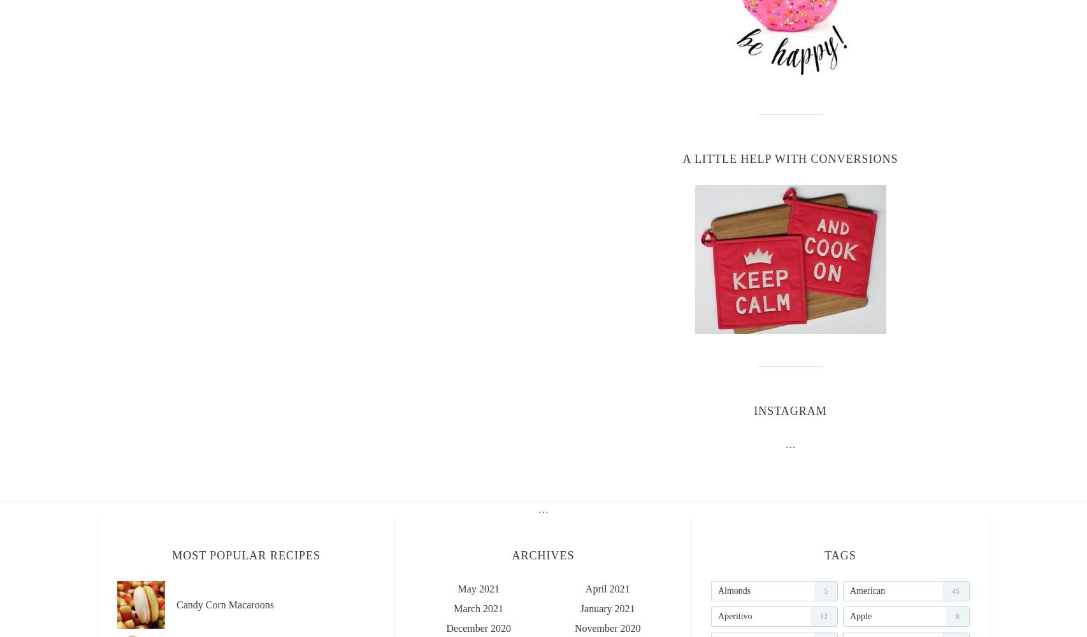  I want to click on 'Archives', so click(511, 554).